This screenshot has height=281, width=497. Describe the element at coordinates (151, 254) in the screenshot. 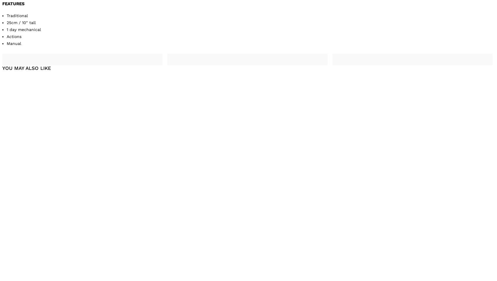

I see `'Anton Schneider'` at that location.